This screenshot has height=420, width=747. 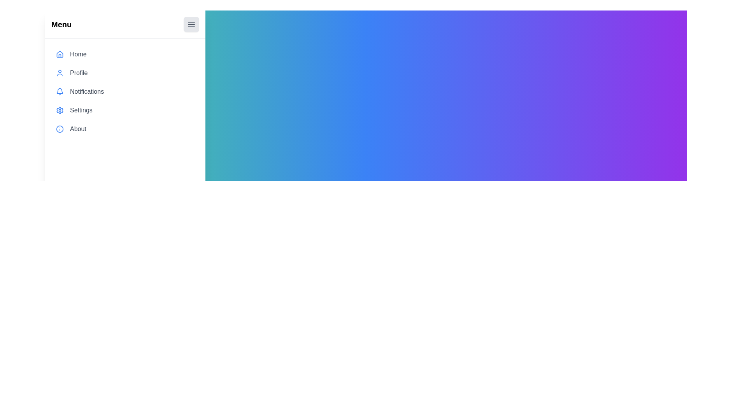 I want to click on the menu item labeled About, so click(x=125, y=128).